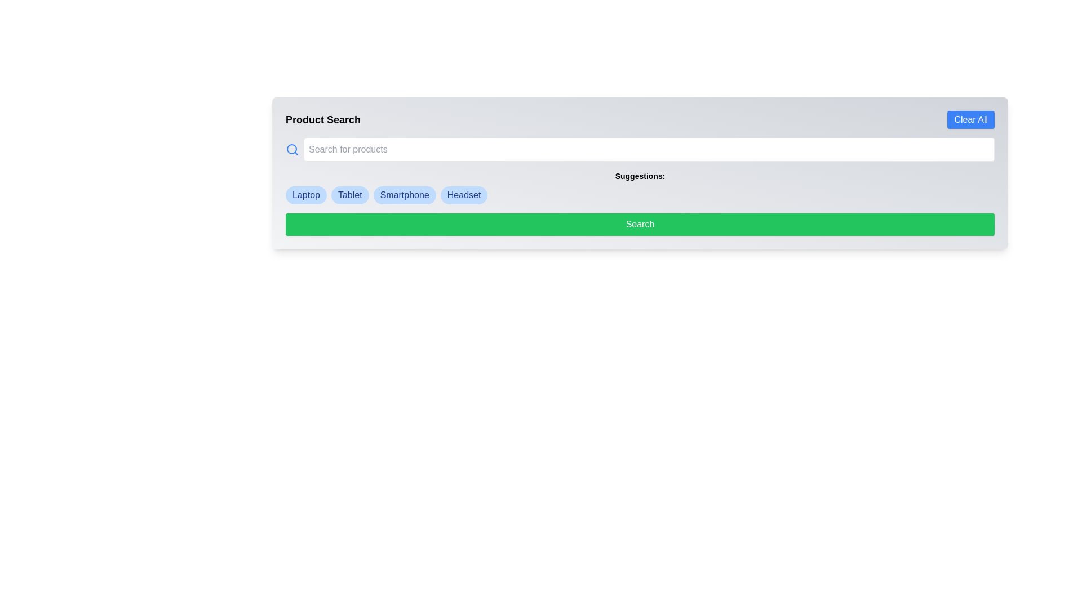 The image size is (1082, 608). Describe the element at coordinates (322, 119) in the screenshot. I see `the text label at the top-left corner of the horizontal layout bar, which indicates the purpose of the product search functionality` at that location.